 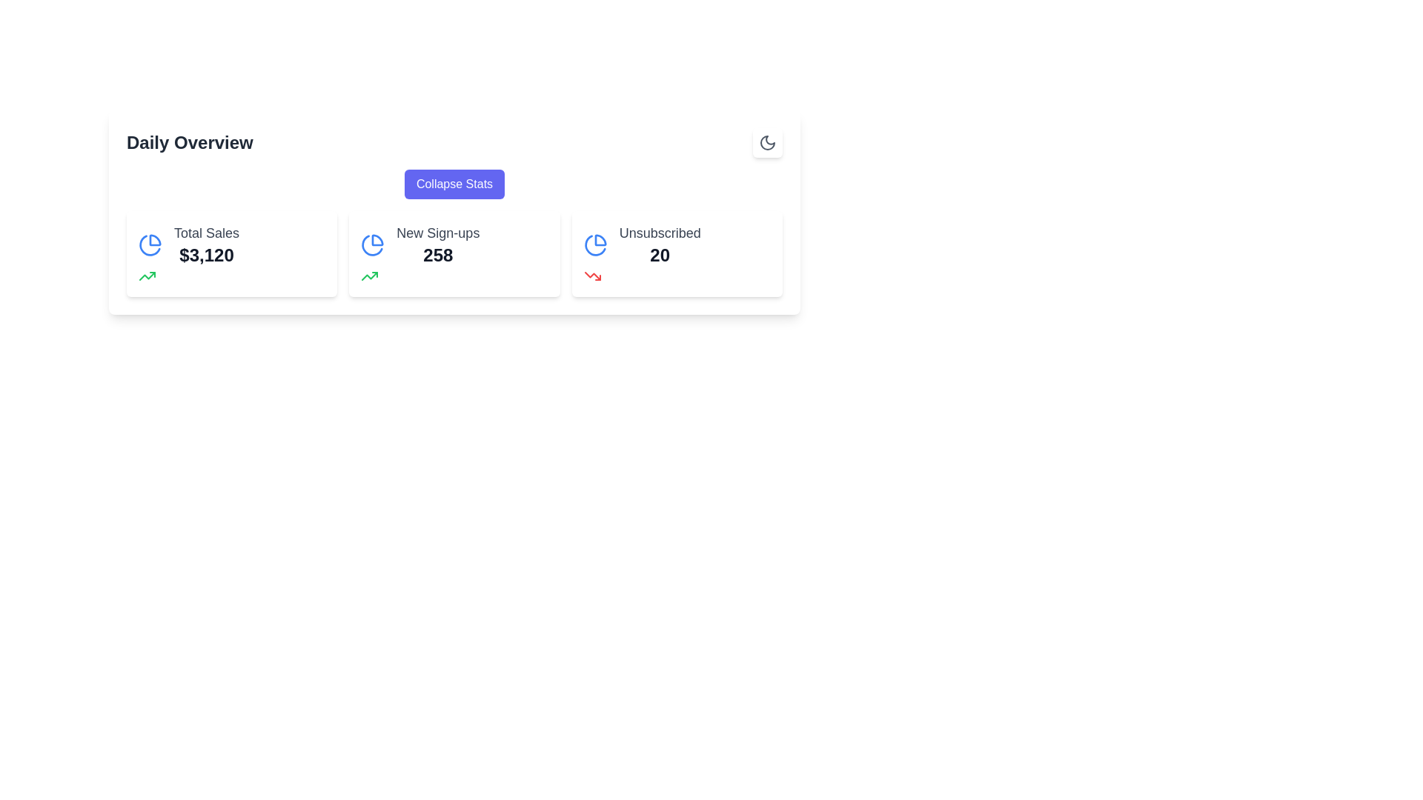 I want to click on the Text Label displaying the monetary value that summarizes total sales, located below the 'Total Sales' label in a card-like UI component, so click(x=205, y=254).